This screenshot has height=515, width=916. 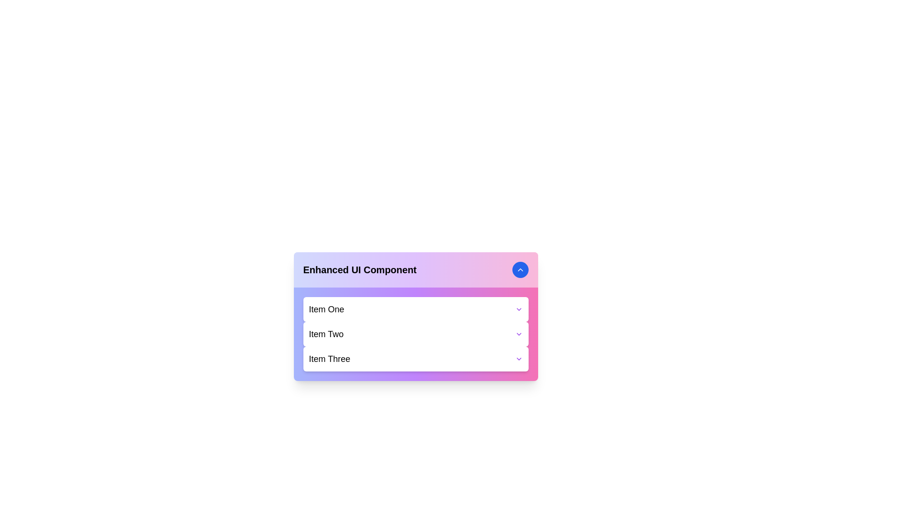 I want to click on the Dropdown menu list item labeled 'Item Two', so click(x=416, y=334).